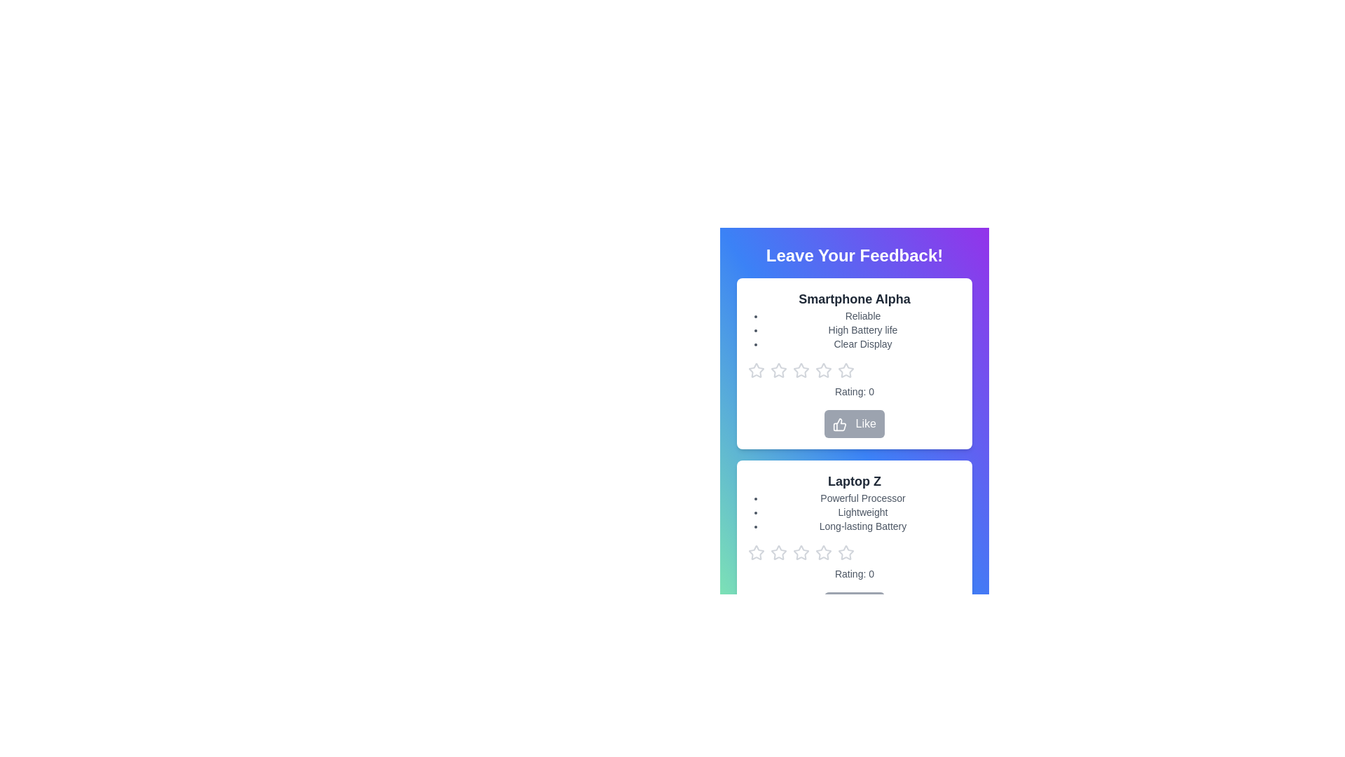 The image size is (1345, 757). What do you see at coordinates (853, 369) in the screenshot?
I see `the stars in the Interactive rating component located near the middle of the 'Smartphone Alpha' card to provide a rating` at bounding box center [853, 369].